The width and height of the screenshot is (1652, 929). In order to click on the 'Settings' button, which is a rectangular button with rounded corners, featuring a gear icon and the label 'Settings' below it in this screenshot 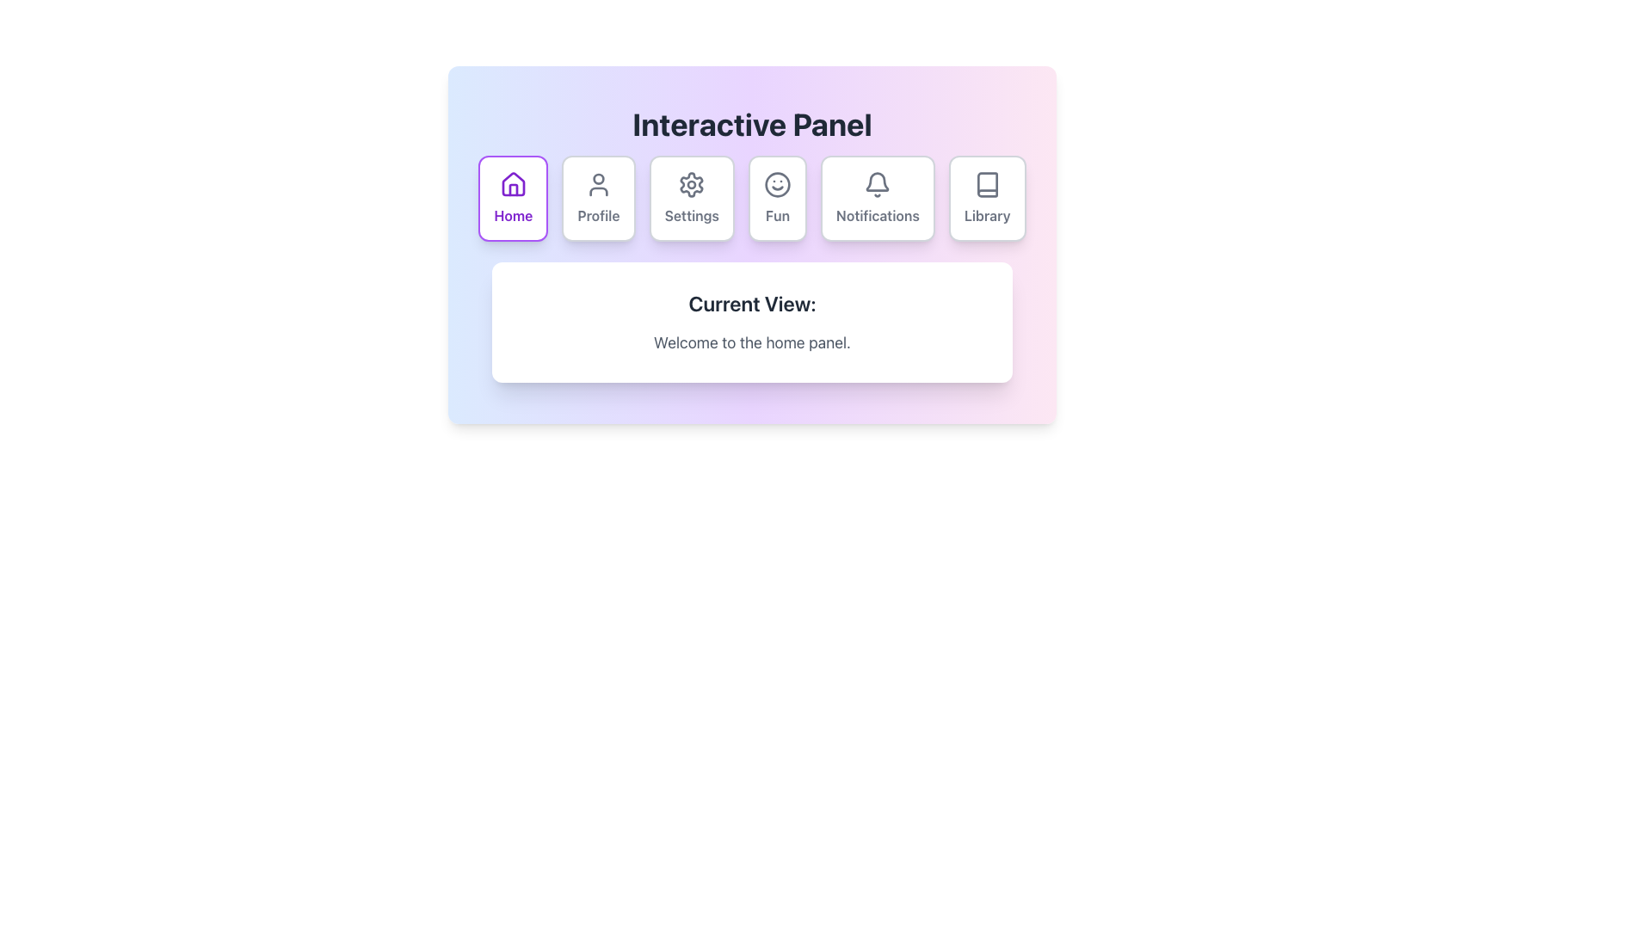, I will do `click(692, 198)`.